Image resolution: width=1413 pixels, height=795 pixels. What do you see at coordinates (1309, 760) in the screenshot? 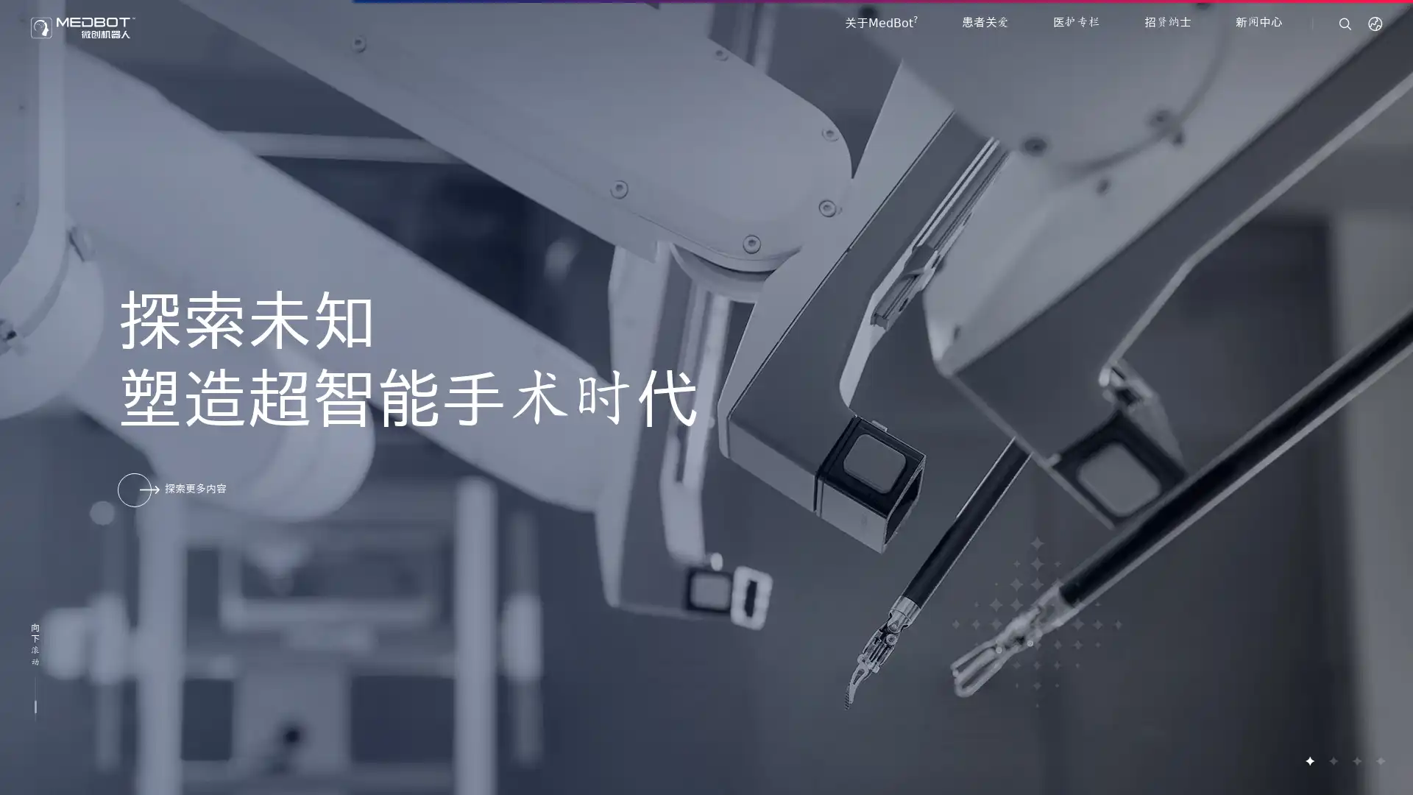
I see `Go to slide 1` at bounding box center [1309, 760].